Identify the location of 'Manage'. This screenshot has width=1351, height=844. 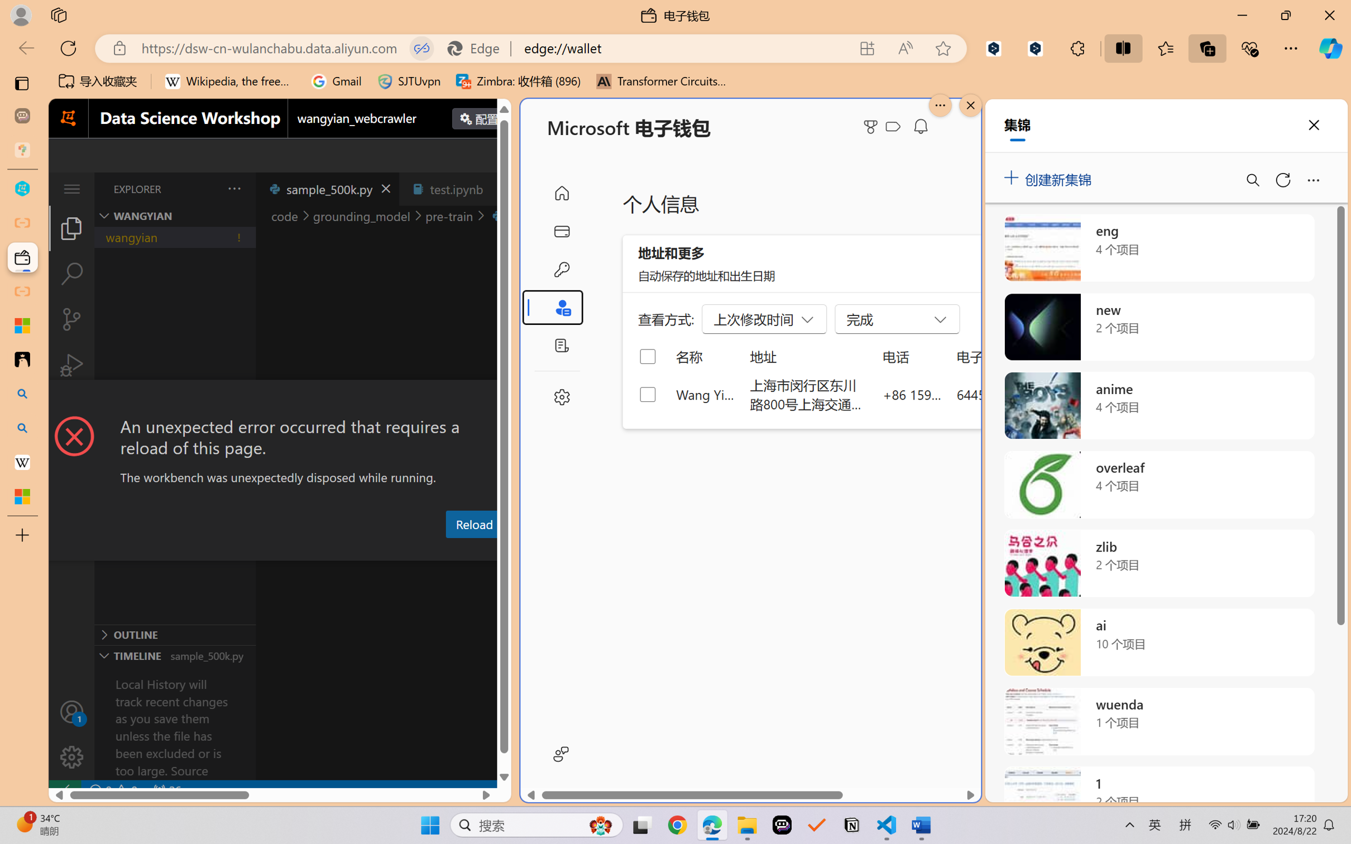
(71, 733).